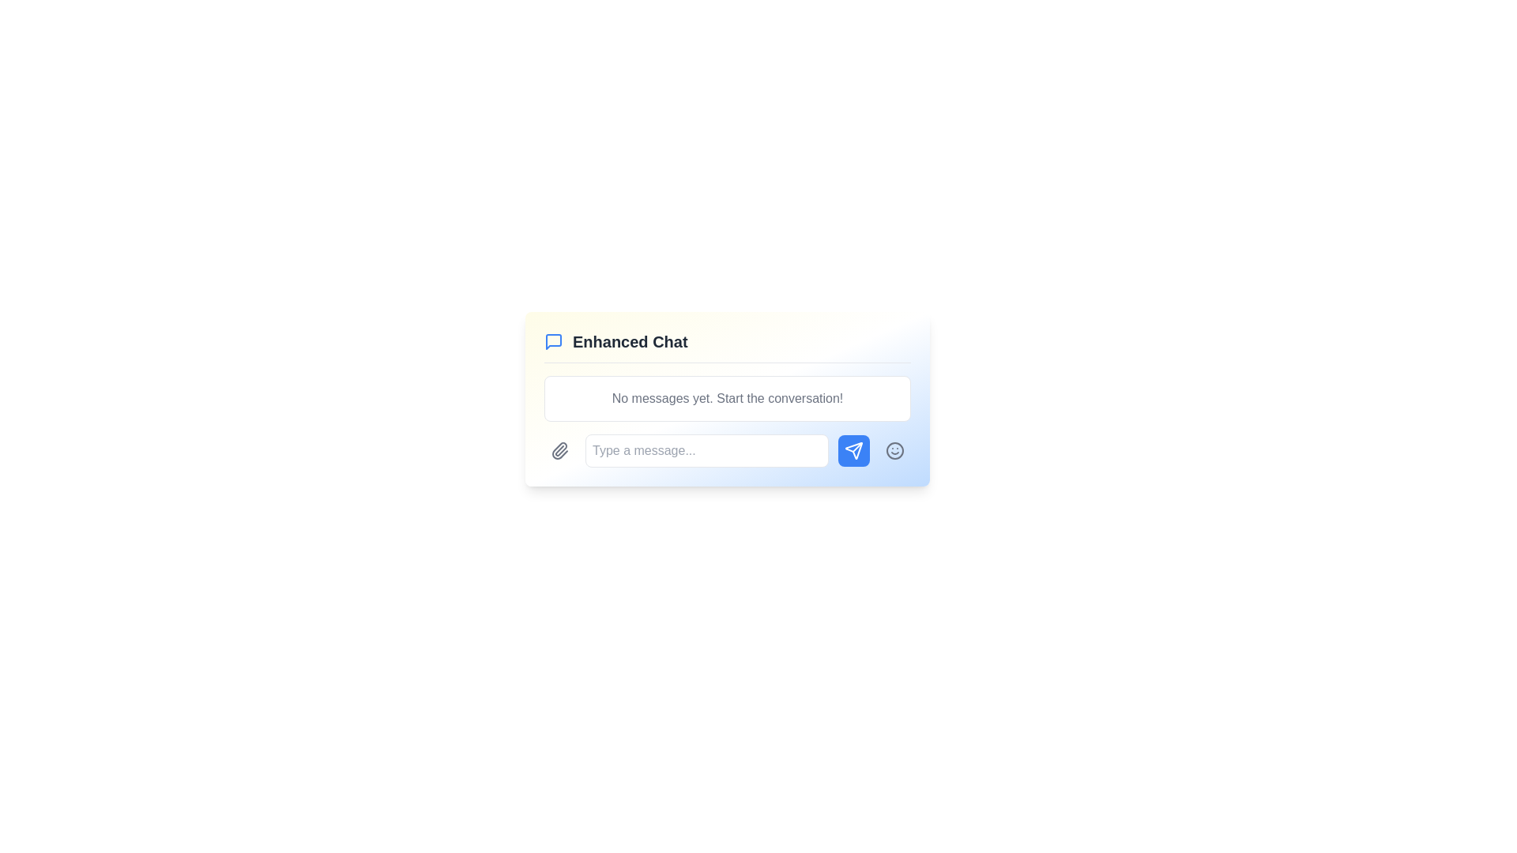  I want to click on the blue chat bubble icon located to the left of the 'Enhanced Chat' text in the top section of the interface, so click(553, 340).